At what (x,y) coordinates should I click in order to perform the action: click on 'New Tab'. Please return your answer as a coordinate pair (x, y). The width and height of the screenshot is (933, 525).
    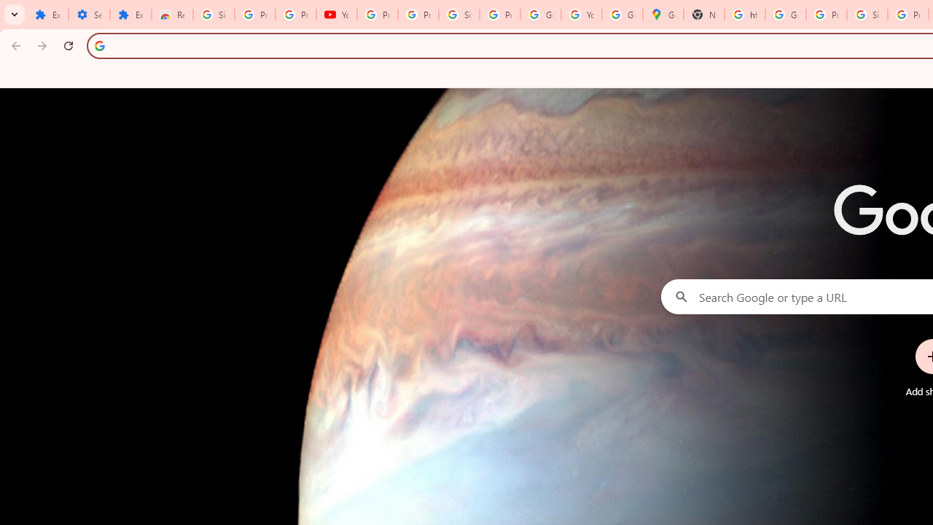
    Looking at the image, I should click on (704, 15).